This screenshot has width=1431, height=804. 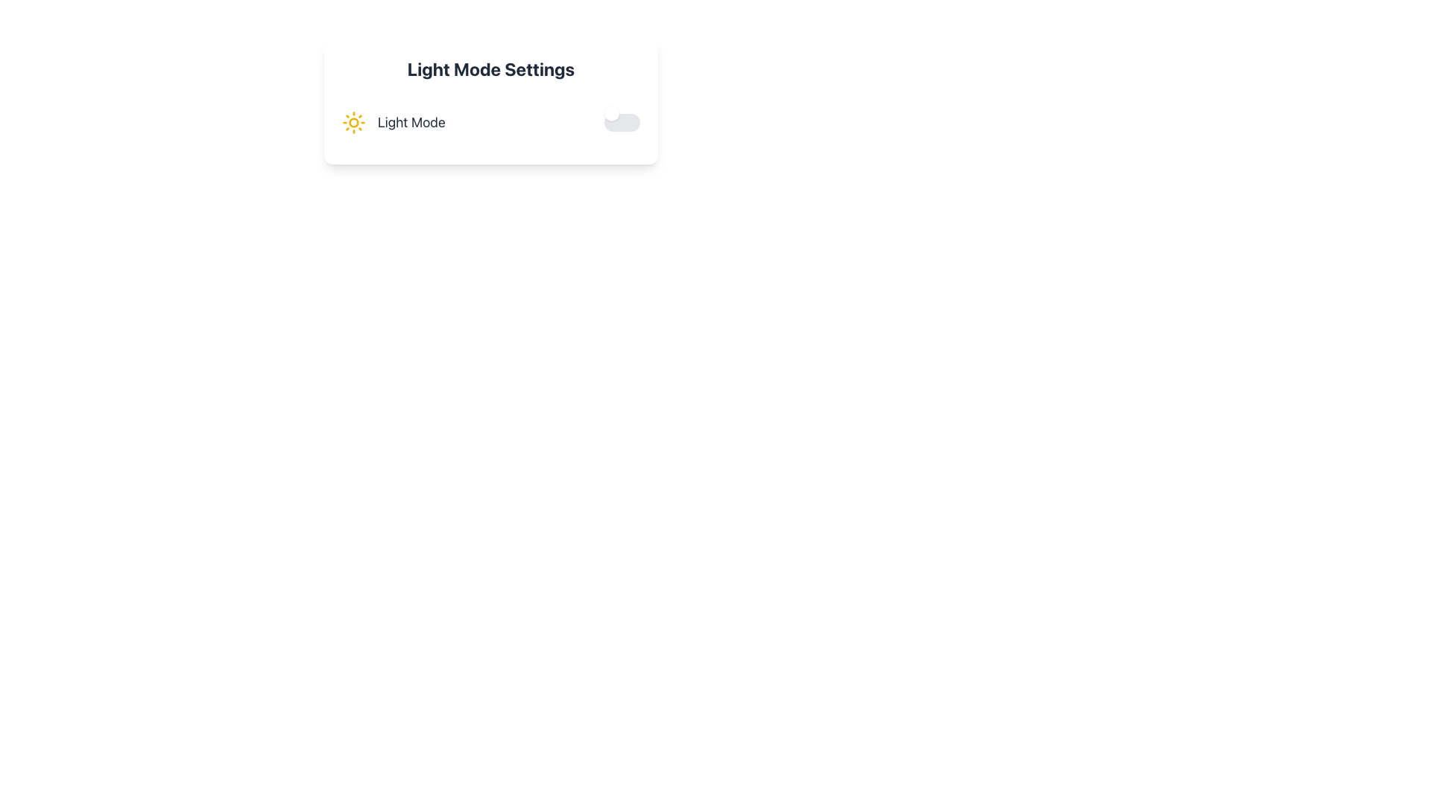 What do you see at coordinates (353, 122) in the screenshot?
I see `the graphical decorative element that represents the sun, located at the center of the sun graphic within the 'Light Mode Settings' card interface` at bounding box center [353, 122].